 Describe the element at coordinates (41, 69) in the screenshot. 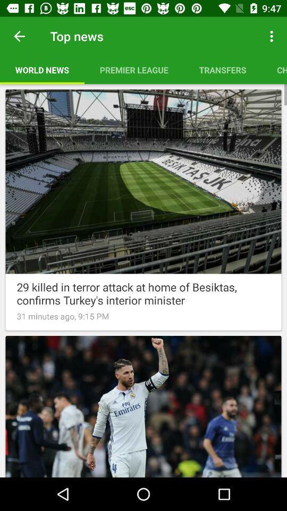

I see `the item to the left of the premier league item` at that location.